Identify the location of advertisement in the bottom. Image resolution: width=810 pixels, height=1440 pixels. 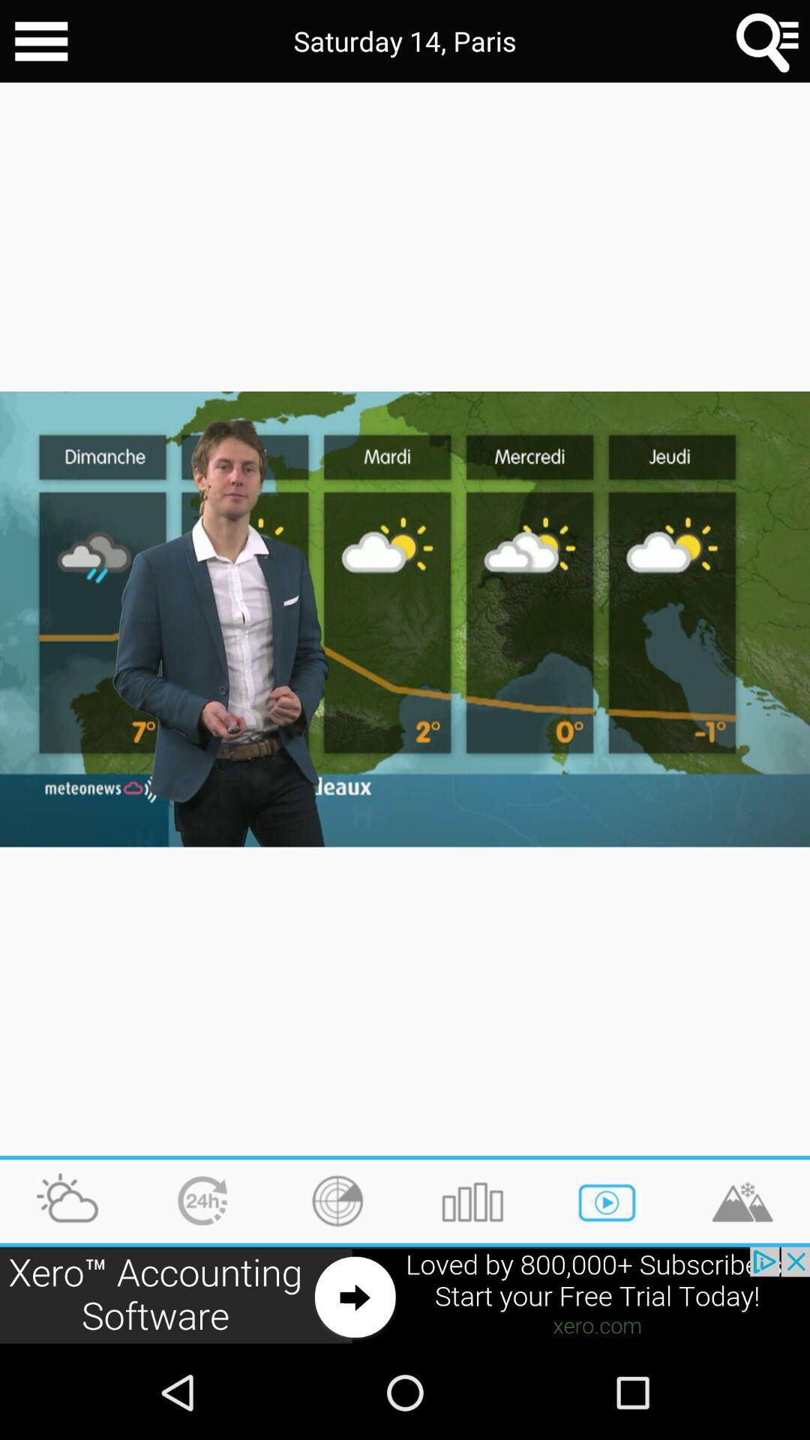
(405, 1295).